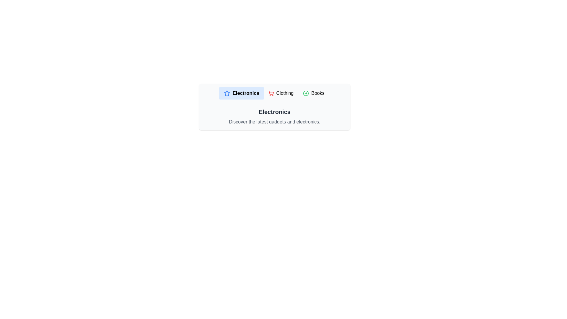  What do you see at coordinates (280, 93) in the screenshot?
I see `the Clothing tab to select it` at bounding box center [280, 93].